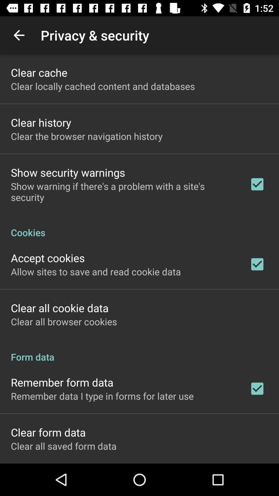 The image size is (279, 496). Describe the element at coordinates (19, 35) in the screenshot. I see `the item above the clear cache item` at that location.